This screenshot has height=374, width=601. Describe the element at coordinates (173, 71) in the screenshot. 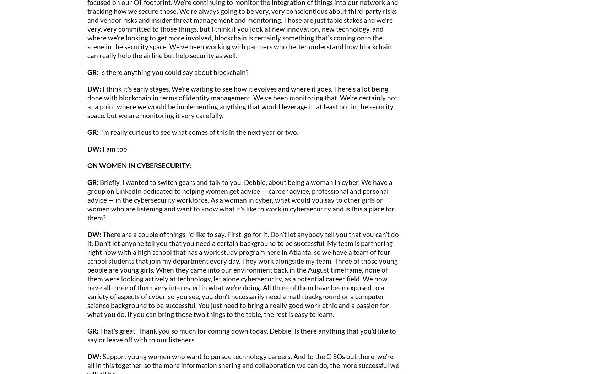

I see `'Is there anything you could say about blockchain?'` at that location.